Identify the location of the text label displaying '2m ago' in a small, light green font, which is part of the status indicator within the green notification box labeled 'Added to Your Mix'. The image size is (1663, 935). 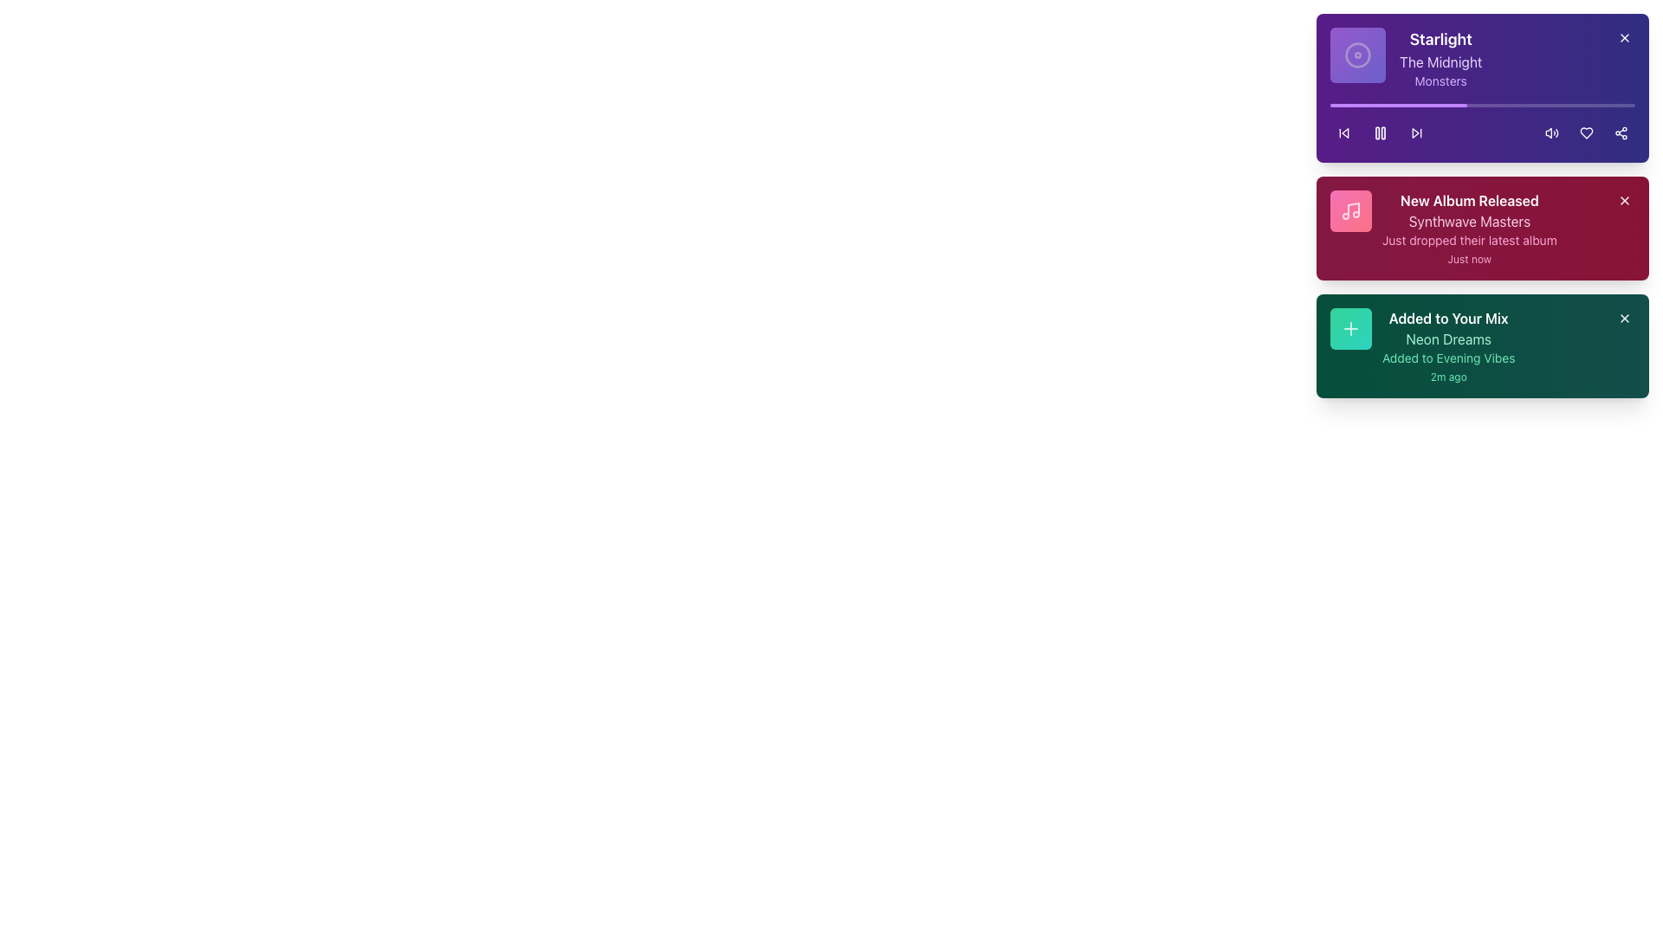
(1448, 376).